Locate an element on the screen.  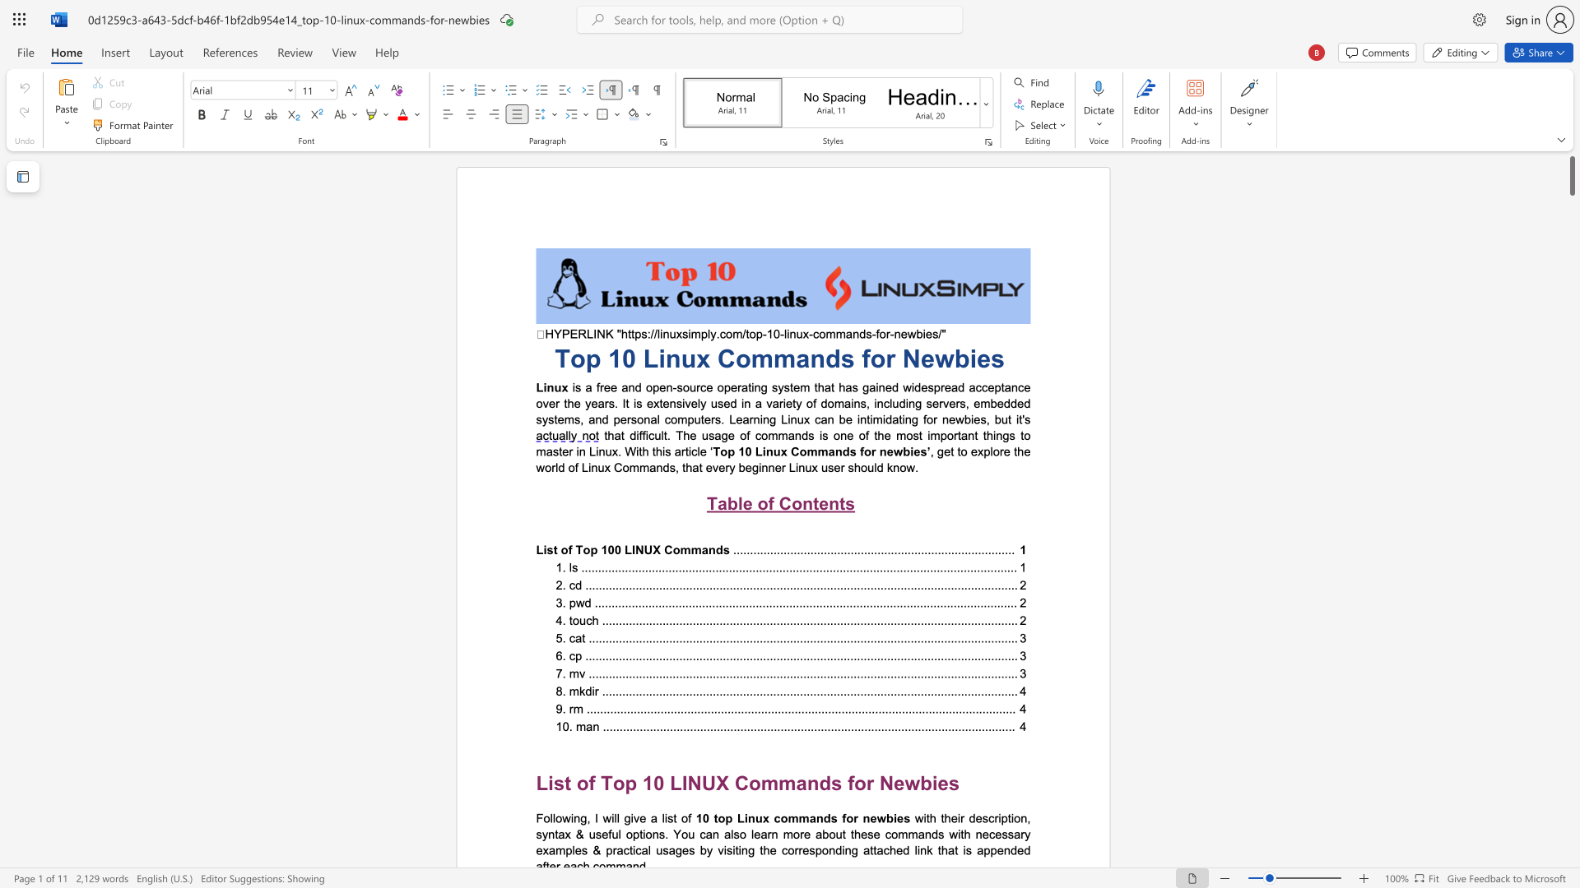
the subset text "inux C" within the text "Top 10 Linux Commands" is located at coordinates (761, 451).